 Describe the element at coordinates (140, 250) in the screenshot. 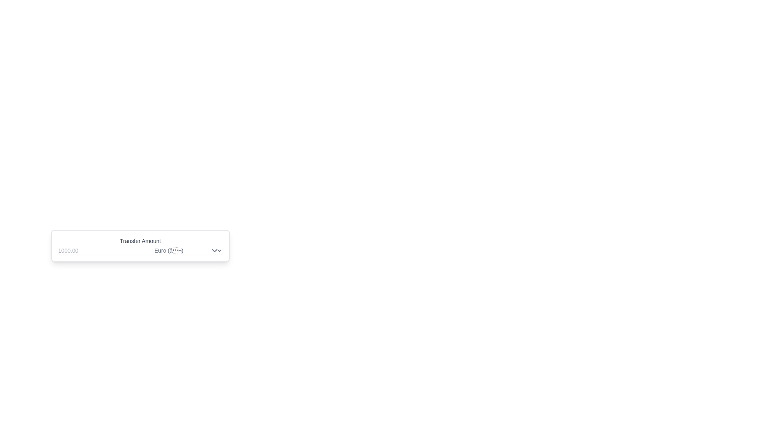

I see `the input field of the monetary amount and currency selection dropdown by tabbing to it` at that location.